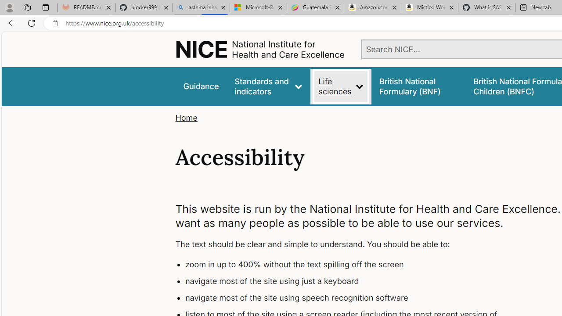 The image size is (562, 316). What do you see at coordinates (201, 7) in the screenshot?
I see `'asthma inhaler - Search'` at bounding box center [201, 7].